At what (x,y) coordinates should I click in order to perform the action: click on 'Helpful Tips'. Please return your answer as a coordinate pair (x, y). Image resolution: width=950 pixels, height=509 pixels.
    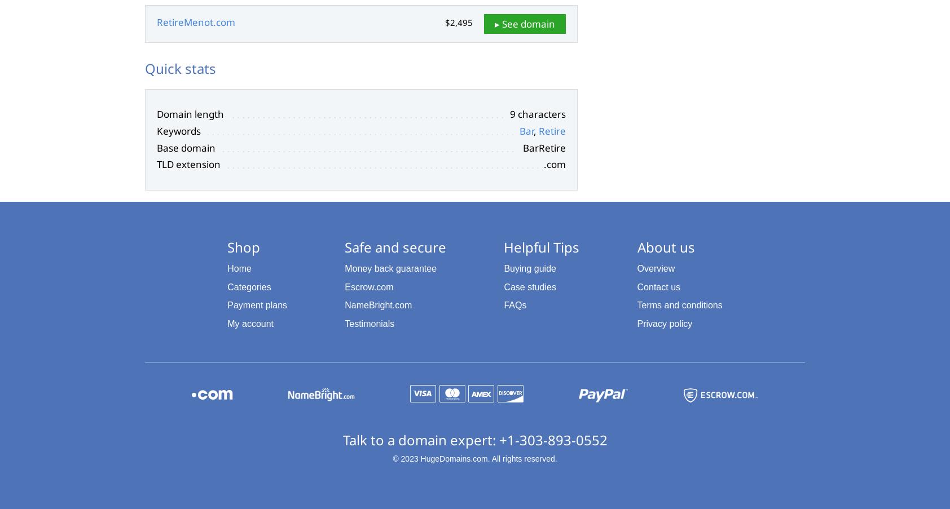
    Looking at the image, I should click on (541, 246).